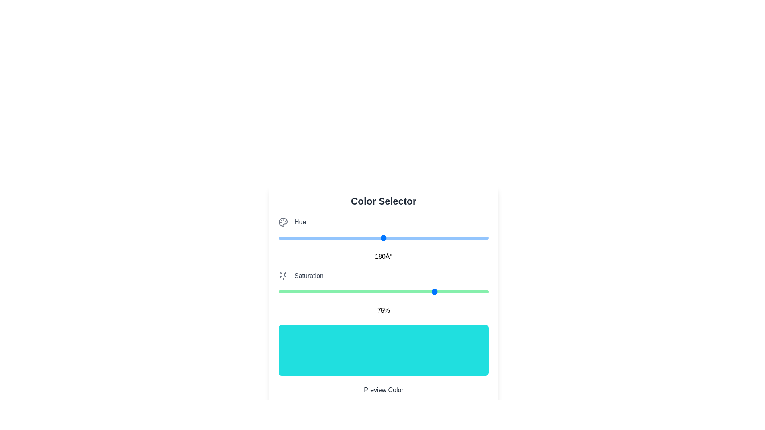 Image resolution: width=765 pixels, height=430 pixels. I want to click on the main body of the palette icon, which symbolizes an artistic tool, by clicking on it, so click(283, 222).